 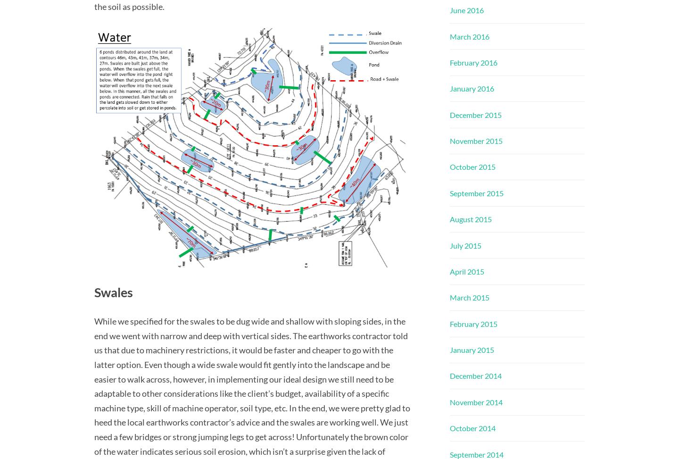 What do you see at coordinates (450, 166) in the screenshot?
I see `'October 2015'` at bounding box center [450, 166].